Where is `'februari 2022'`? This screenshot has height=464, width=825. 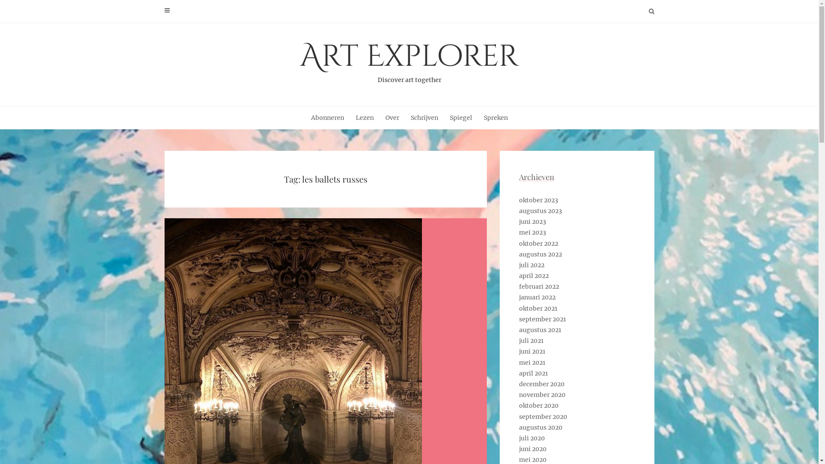 'februari 2022' is located at coordinates (538, 287).